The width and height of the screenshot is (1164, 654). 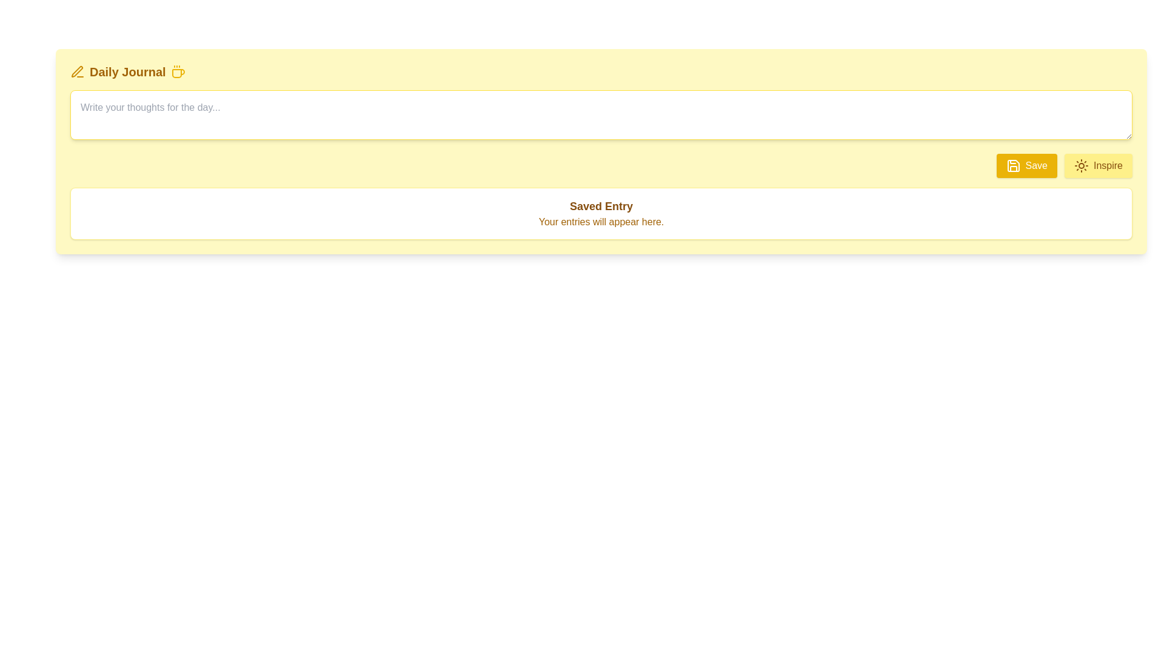 What do you see at coordinates (1082, 165) in the screenshot?
I see `the 'Inspire' button that contains the decorative icon associated with the theme of 'Inspiration'` at bounding box center [1082, 165].